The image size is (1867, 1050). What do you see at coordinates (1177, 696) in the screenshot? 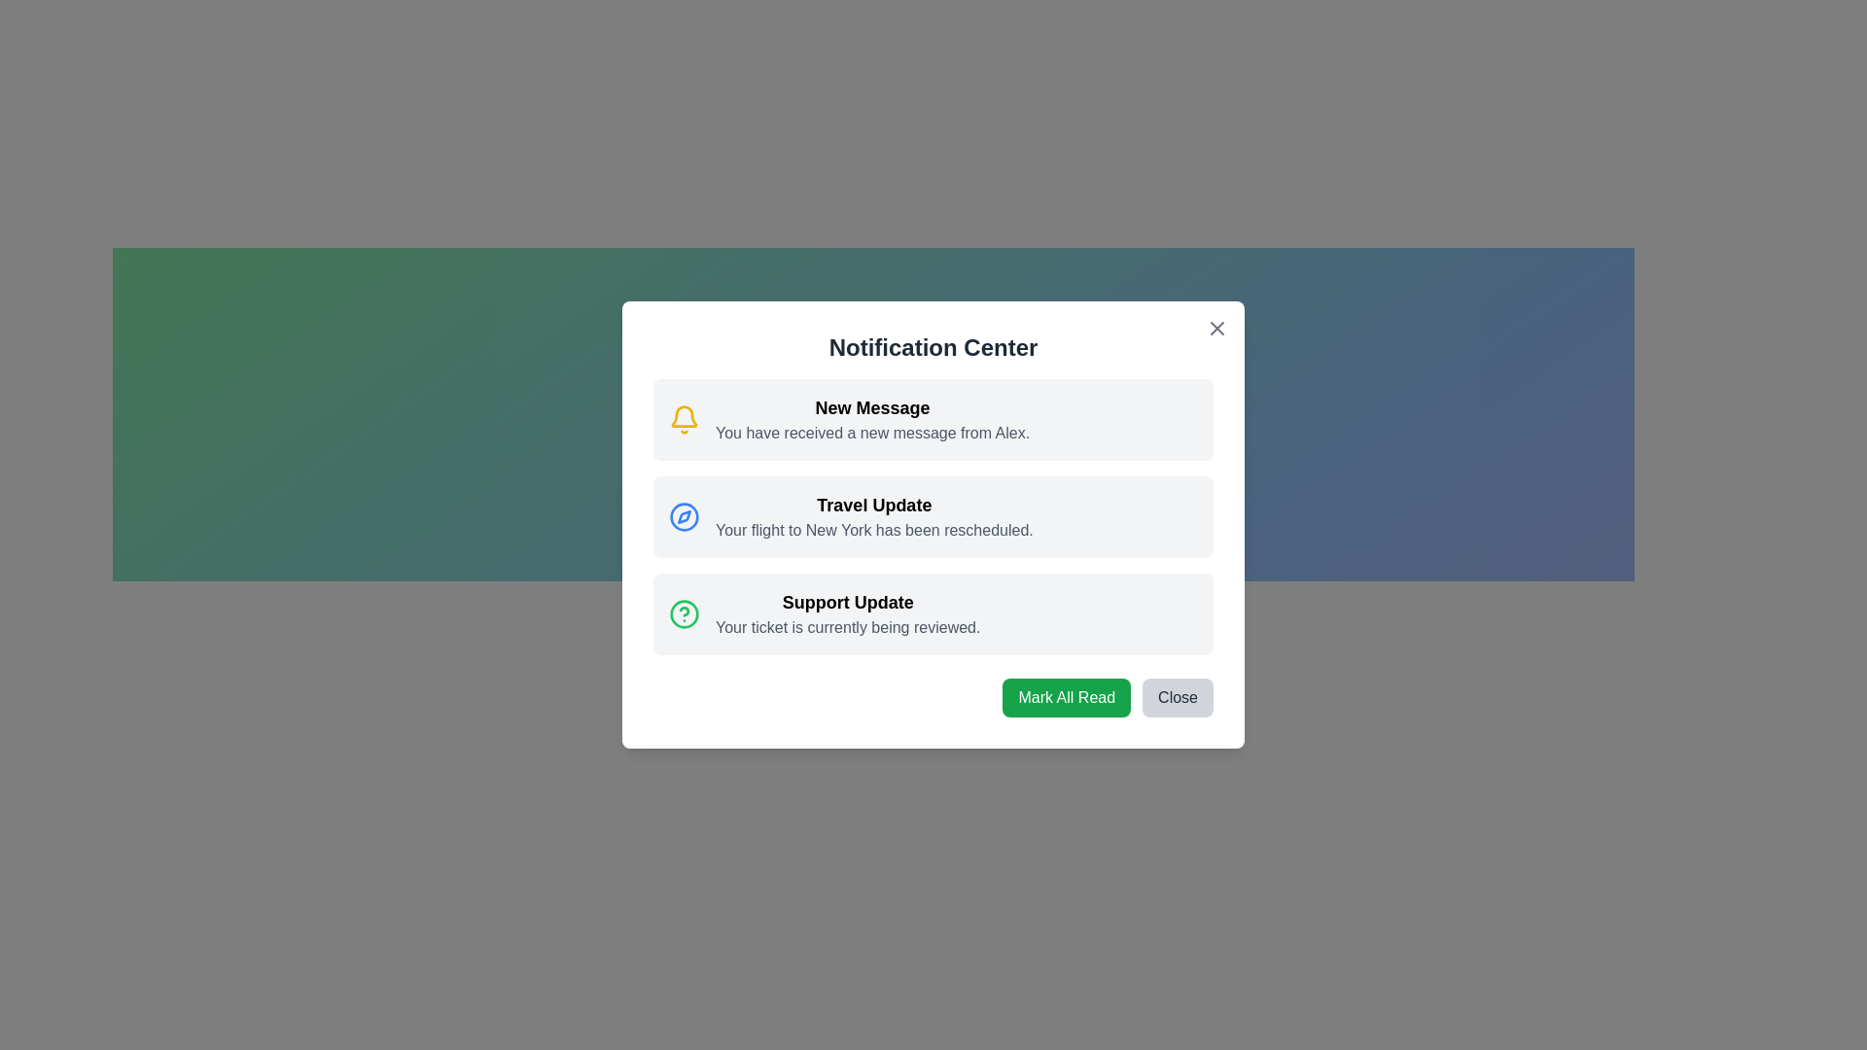
I see `the 'Close' button, which is a rectangular button with rounded corners and a gray background, located at the bottom-right corner of the modal window` at bounding box center [1177, 696].